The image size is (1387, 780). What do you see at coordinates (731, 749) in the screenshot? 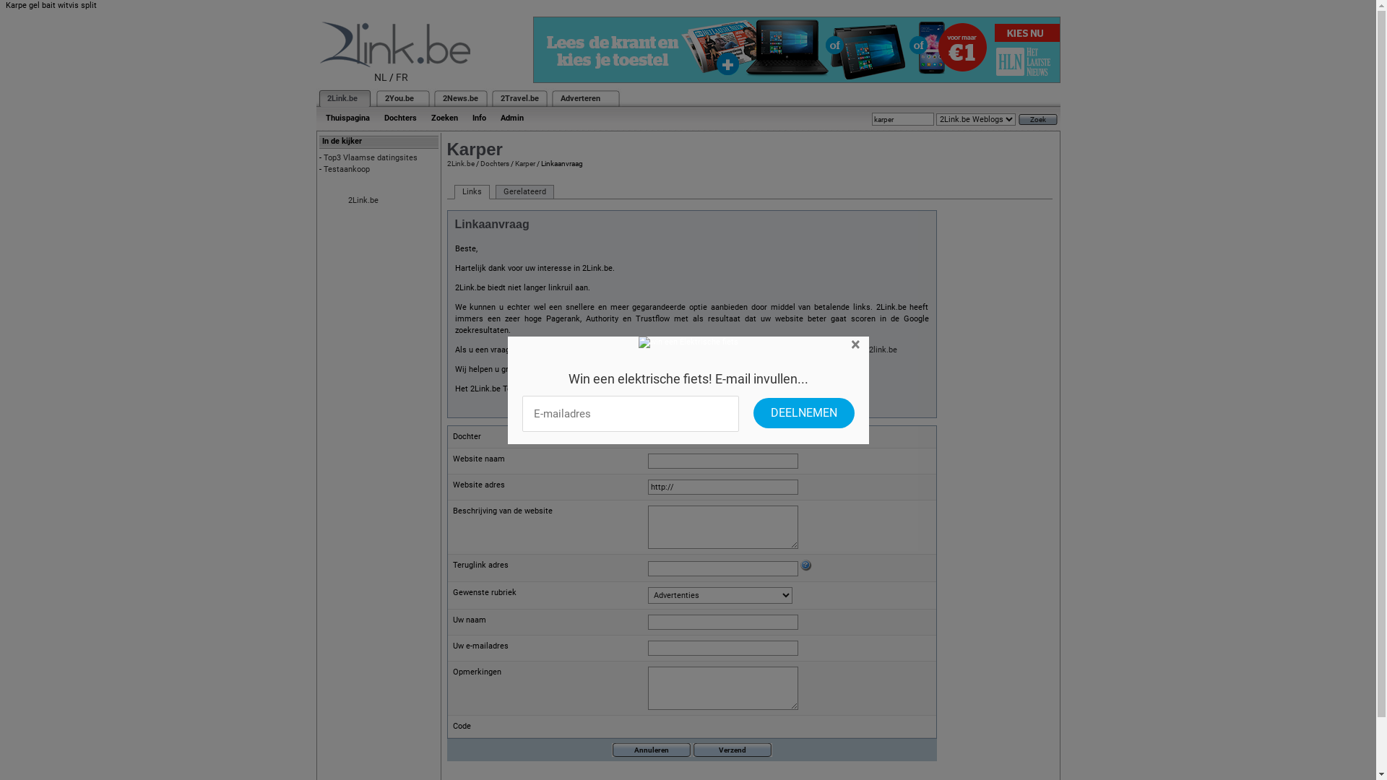
I see `'Verzend'` at bounding box center [731, 749].